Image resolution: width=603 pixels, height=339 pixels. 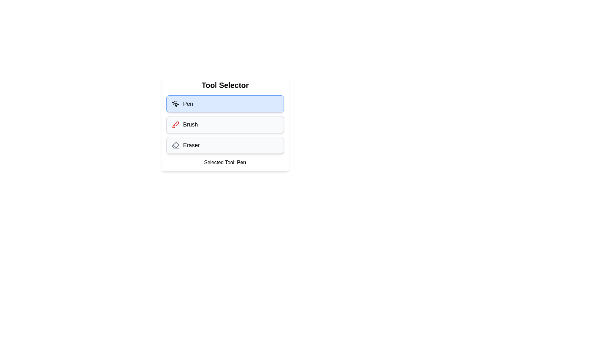 I want to click on the tool Brush by clicking its button, so click(x=225, y=125).